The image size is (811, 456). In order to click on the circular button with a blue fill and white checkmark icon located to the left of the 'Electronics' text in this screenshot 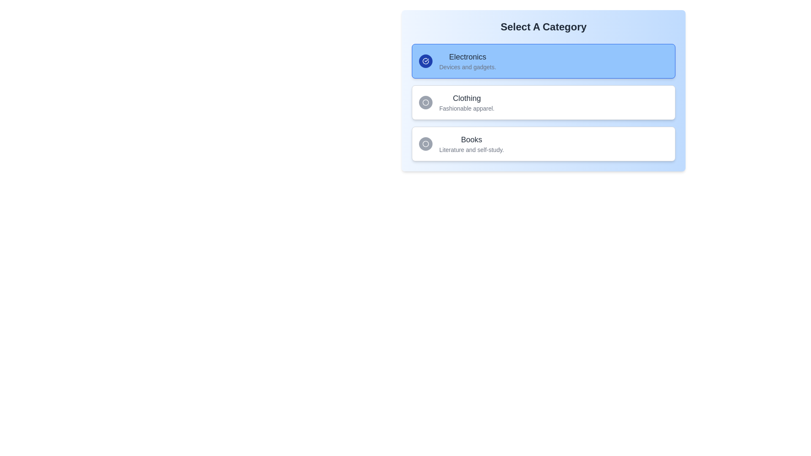, I will do `click(426, 61)`.